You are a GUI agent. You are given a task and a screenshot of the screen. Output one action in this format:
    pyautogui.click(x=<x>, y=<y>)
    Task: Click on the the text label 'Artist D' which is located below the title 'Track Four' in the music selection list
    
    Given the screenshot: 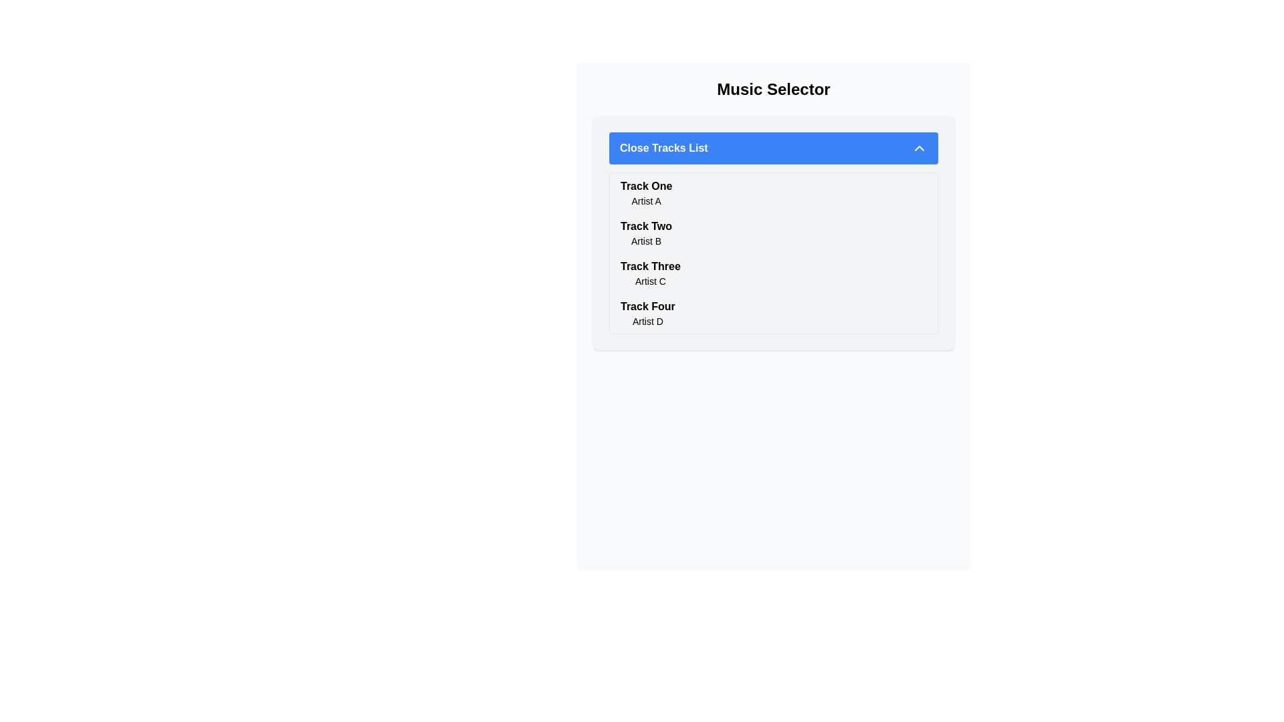 What is the action you would take?
    pyautogui.click(x=647, y=322)
    